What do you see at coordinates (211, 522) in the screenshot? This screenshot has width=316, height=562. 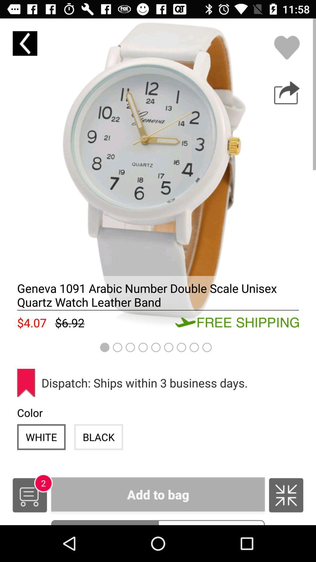 I see `item to the right of detail` at bounding box center [211, 522].